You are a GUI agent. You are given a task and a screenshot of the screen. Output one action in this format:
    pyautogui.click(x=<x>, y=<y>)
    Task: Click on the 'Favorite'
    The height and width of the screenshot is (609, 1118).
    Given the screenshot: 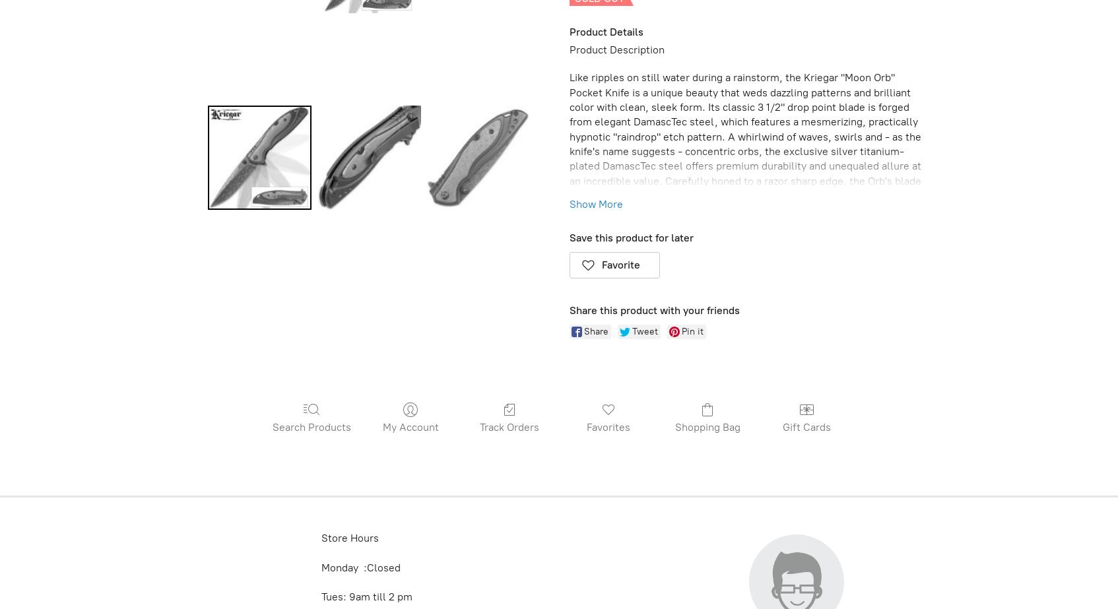 What is the action you would take?
    pyautogui.click(x=620, y=265)
    